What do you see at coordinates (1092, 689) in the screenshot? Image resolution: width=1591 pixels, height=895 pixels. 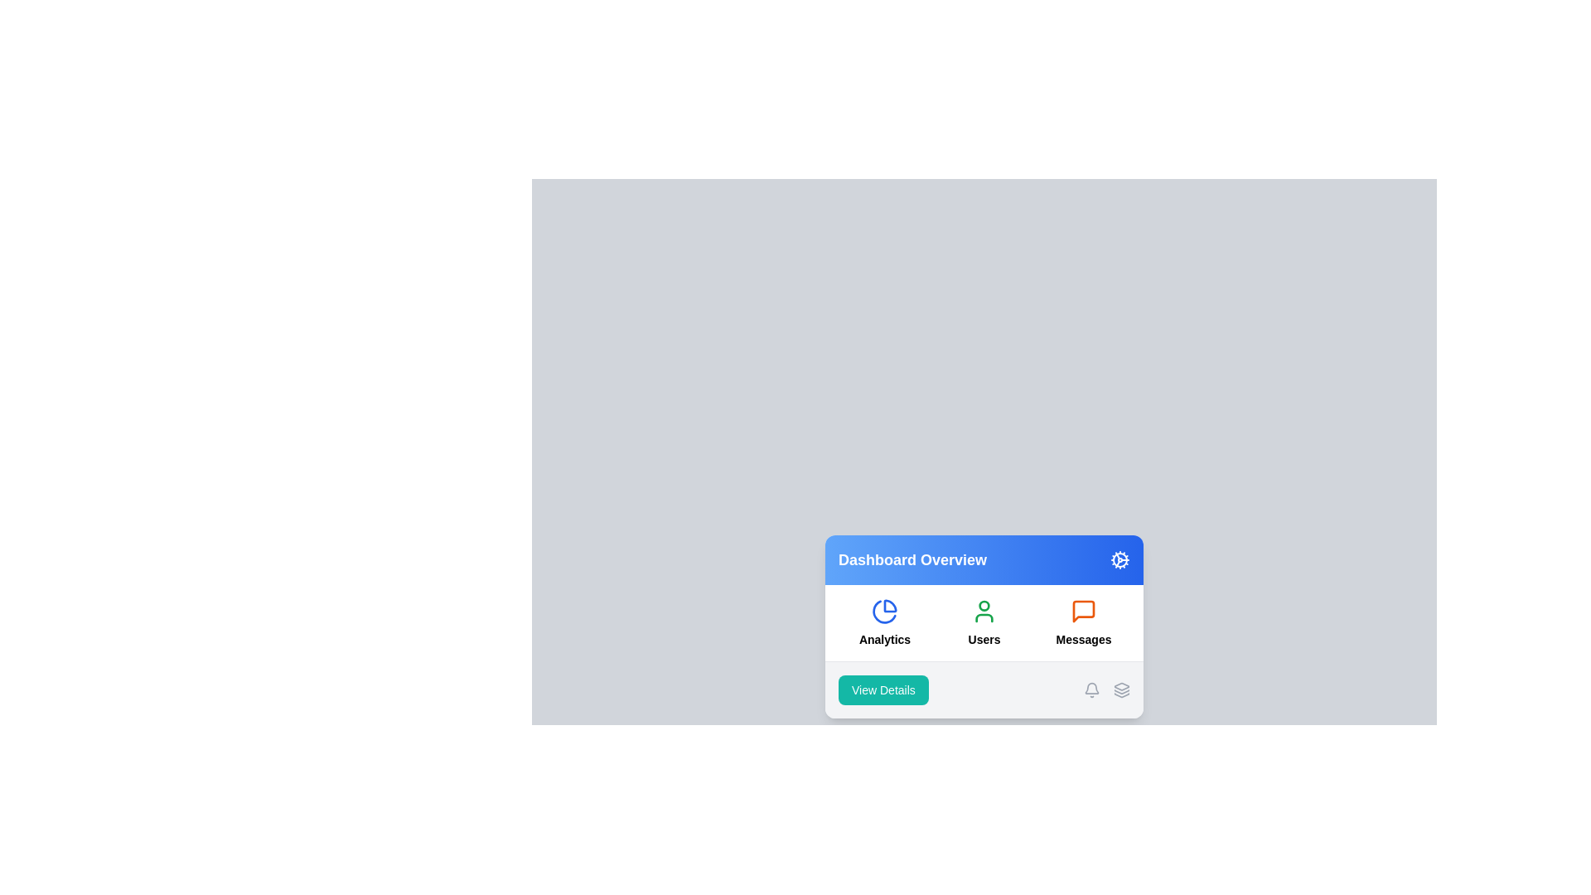 I see `the notification bell icon, which has a gray outline and a minimalistic design` at bounding box center [1092, 689].